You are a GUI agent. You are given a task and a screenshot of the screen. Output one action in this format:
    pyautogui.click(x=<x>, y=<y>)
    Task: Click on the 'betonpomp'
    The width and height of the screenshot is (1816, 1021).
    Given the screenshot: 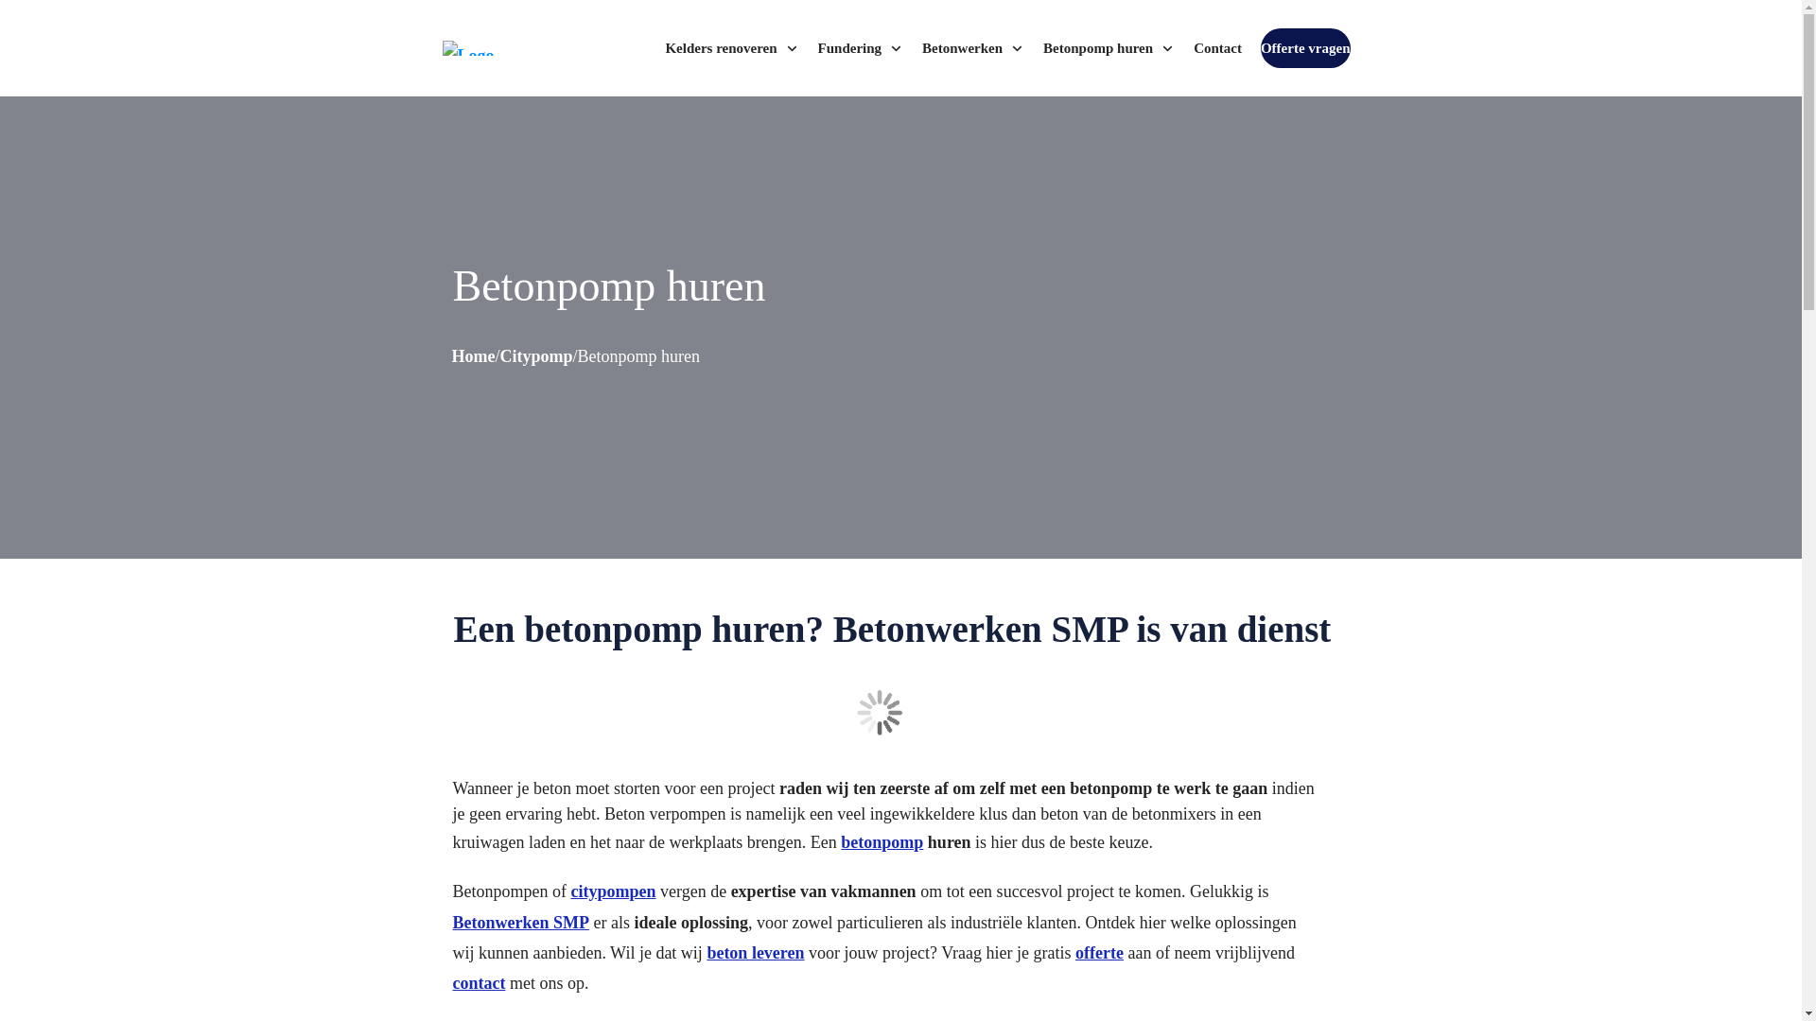 What is the action you would take?
    pyautogui.click(x=881, y=841)
    